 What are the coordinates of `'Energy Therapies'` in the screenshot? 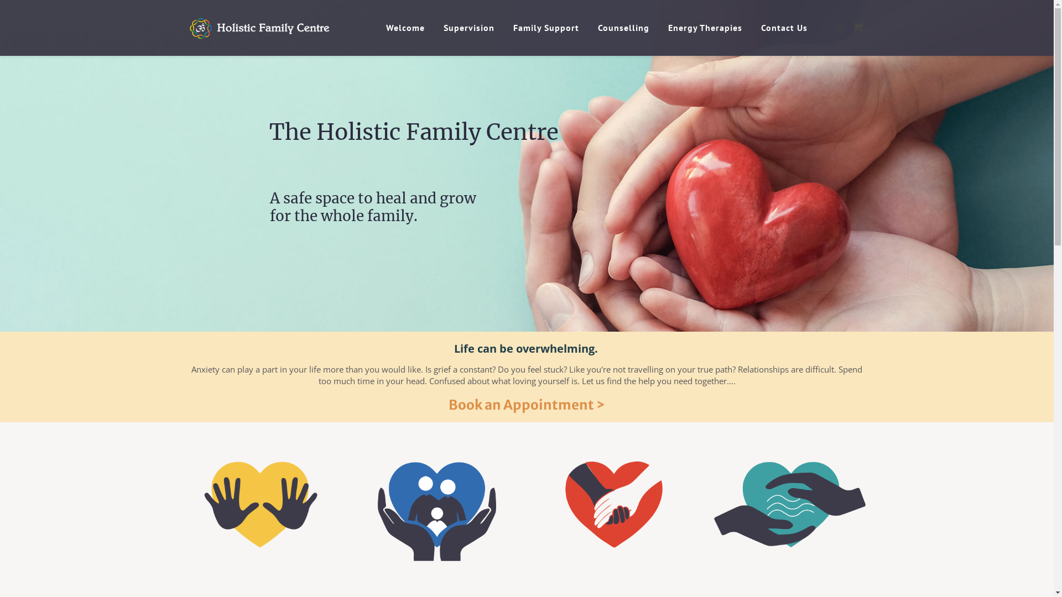 It's located at (706, 27).